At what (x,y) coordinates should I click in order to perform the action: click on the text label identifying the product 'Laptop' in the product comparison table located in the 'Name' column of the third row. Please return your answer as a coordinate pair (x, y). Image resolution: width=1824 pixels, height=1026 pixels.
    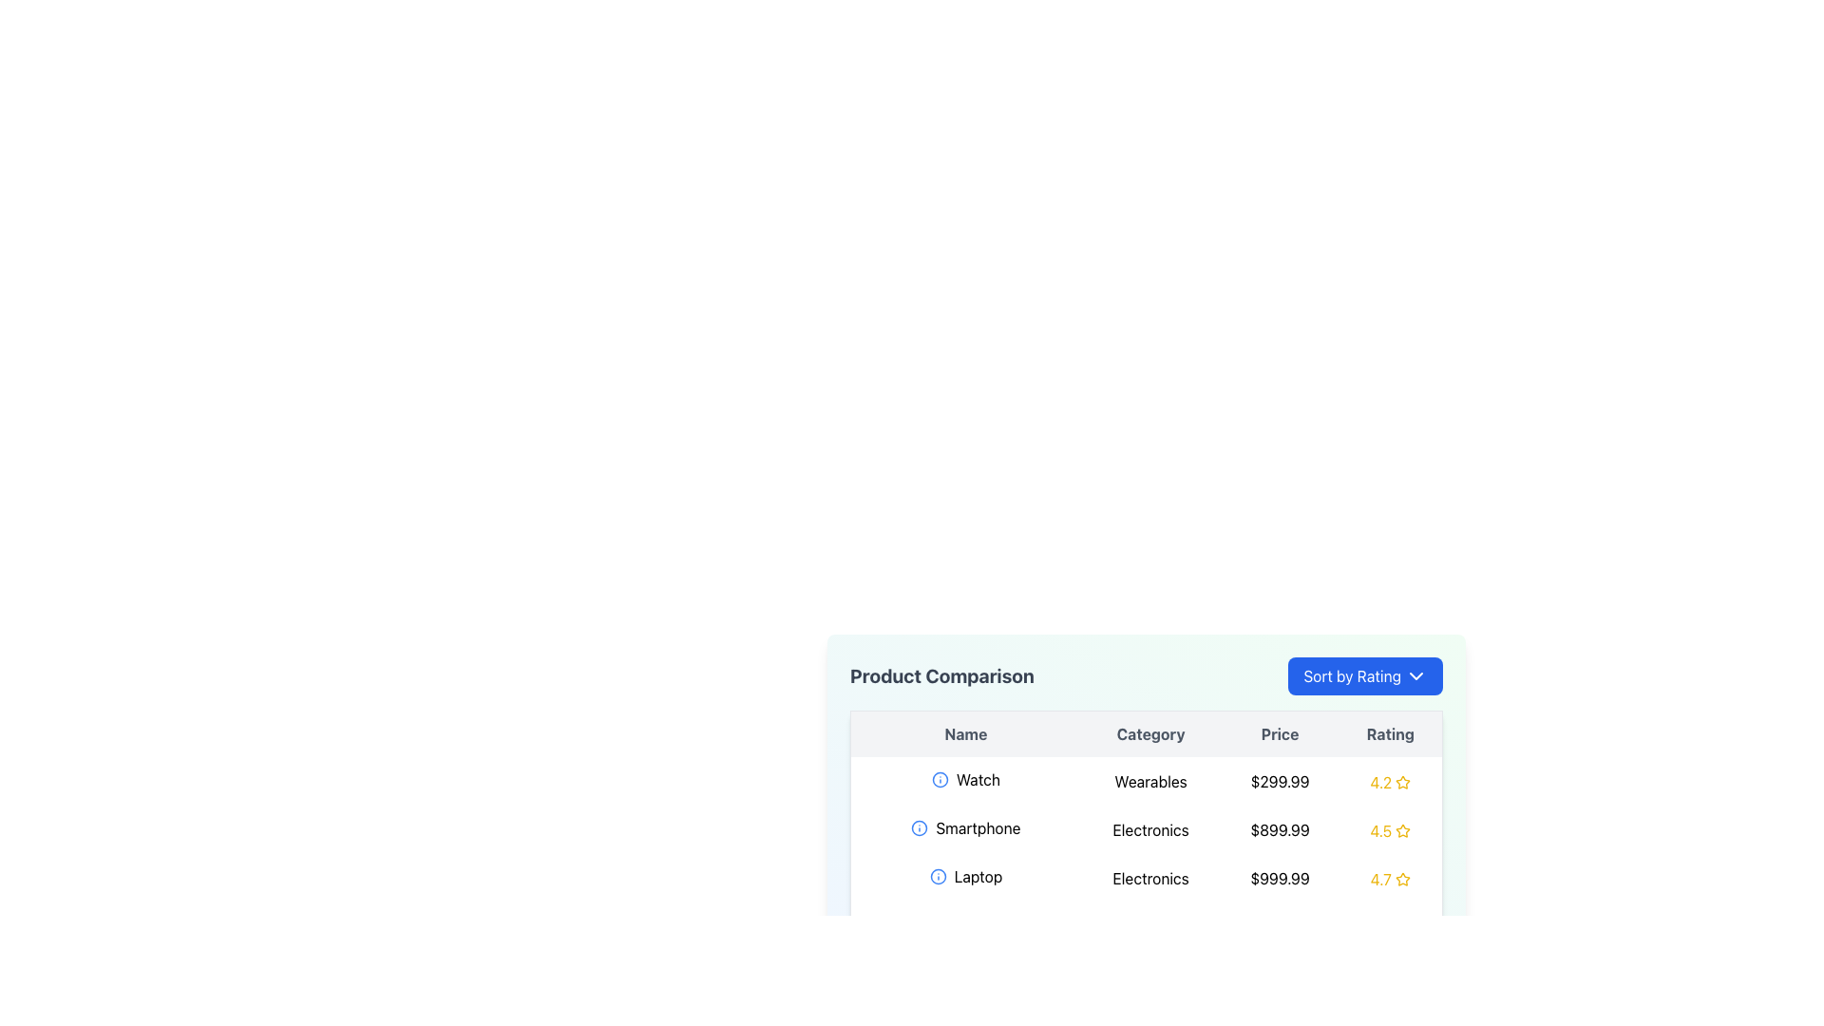
    Looking at the image, I should click on (965, 876).